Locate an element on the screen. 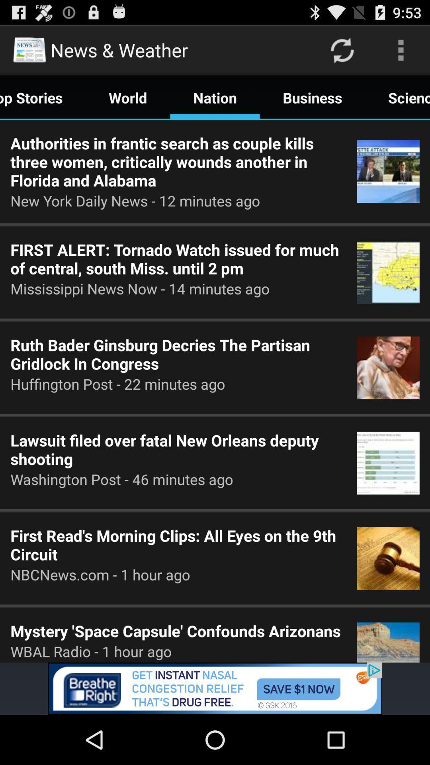 This screenshot has height=765, width=430. click on advertisement below is located at coordinates (215, 688).